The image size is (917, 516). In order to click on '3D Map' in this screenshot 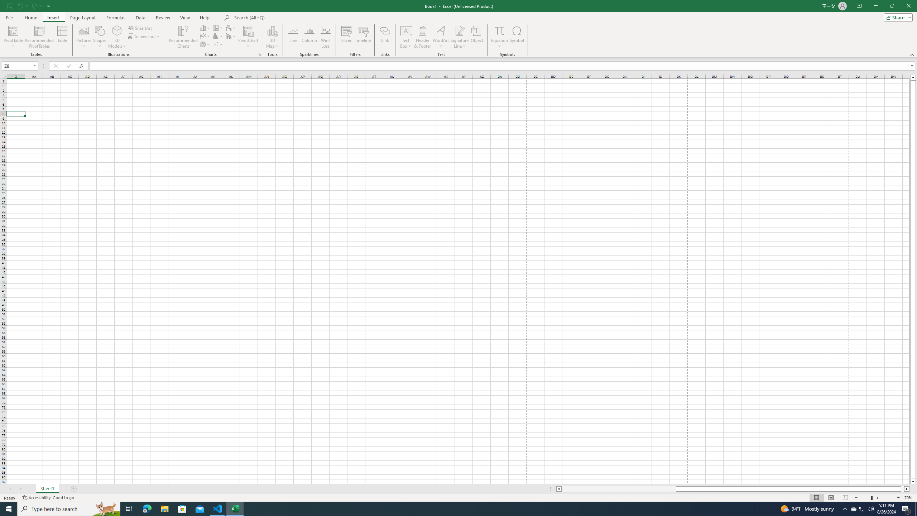, I will do `click(272, 37)`.